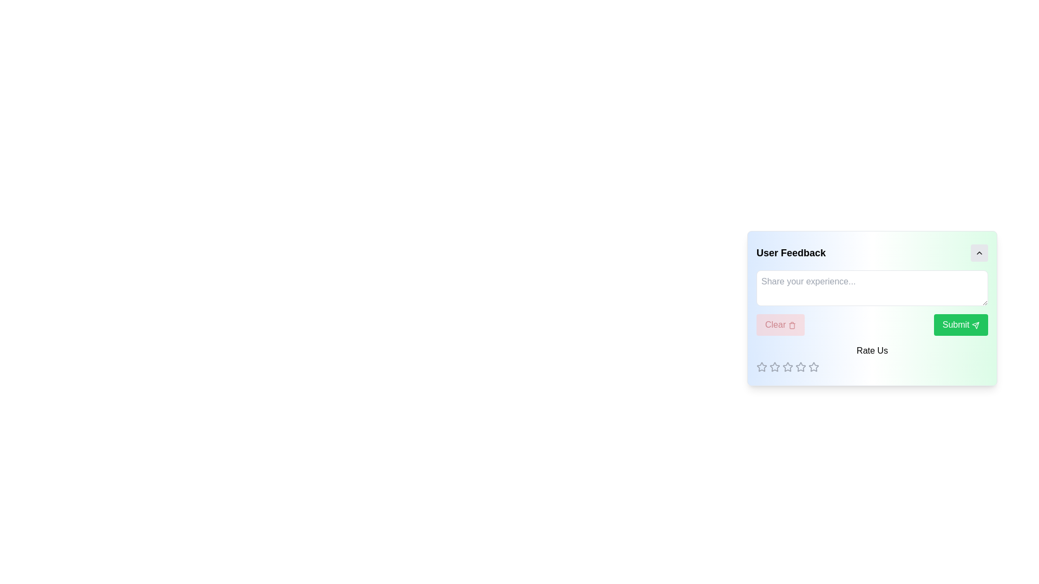 The width and height of the screenshot is (1039, 584). I want to click on the first outlined star icon in the rating system, so click(761, 366).